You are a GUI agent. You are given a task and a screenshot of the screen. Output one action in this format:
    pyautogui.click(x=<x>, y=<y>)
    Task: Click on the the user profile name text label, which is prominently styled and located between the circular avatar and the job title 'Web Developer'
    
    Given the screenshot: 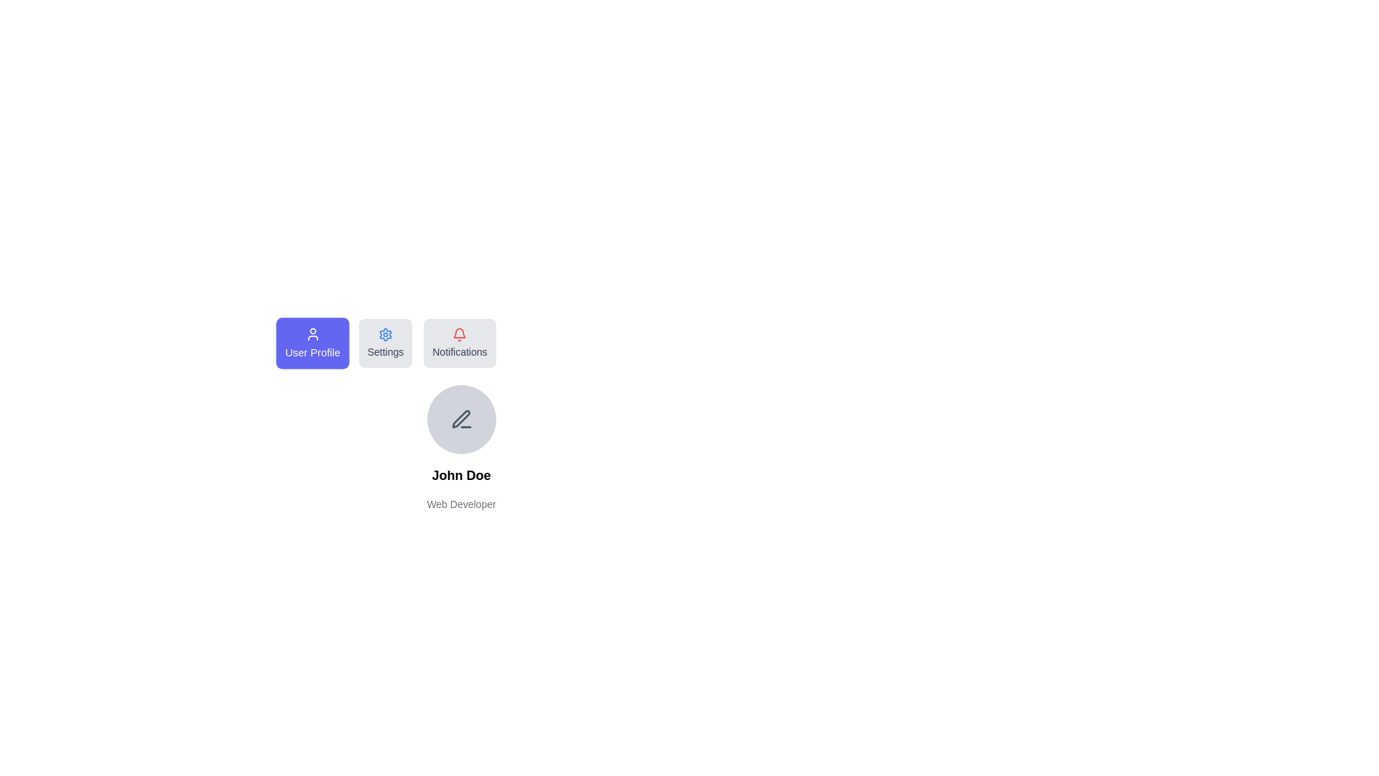 What is the action you would take?
    pyautogui.click(x=461, y=476)
    